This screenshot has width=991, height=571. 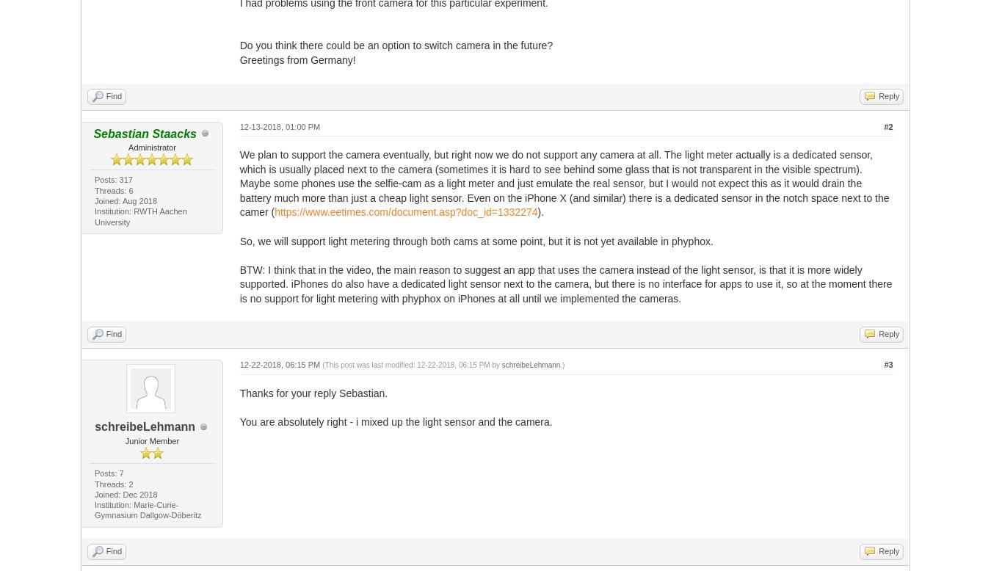 I want to click on 'Threads: 6', so click(x=113, y=189).